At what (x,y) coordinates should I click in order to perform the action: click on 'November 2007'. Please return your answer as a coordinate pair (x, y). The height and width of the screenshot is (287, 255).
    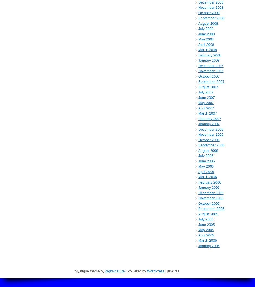
    Looking at the image, I should click on (211, 71).